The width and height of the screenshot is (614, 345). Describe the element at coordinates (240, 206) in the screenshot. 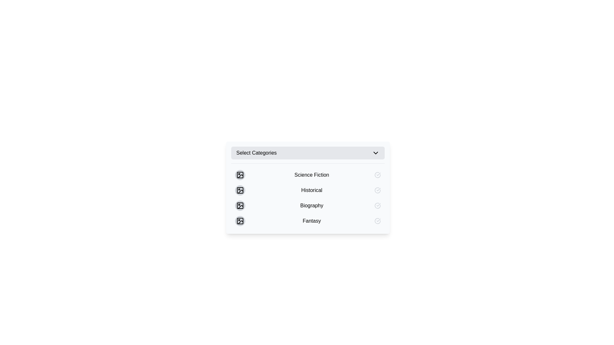

I see `the button with an icon` at that location.